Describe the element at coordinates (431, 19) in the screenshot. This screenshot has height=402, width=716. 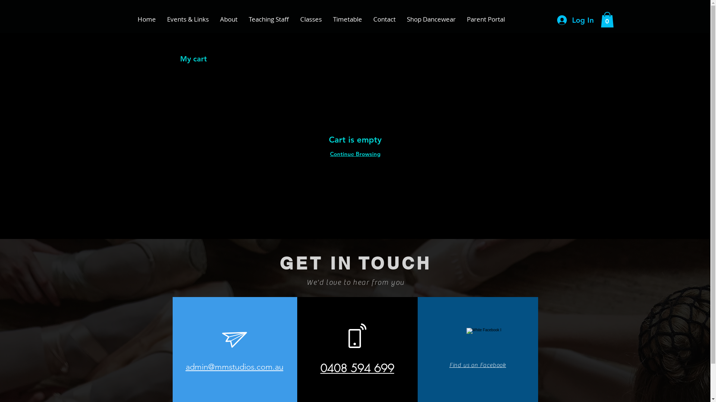
I see `'Shop Dancewear'` at that location.